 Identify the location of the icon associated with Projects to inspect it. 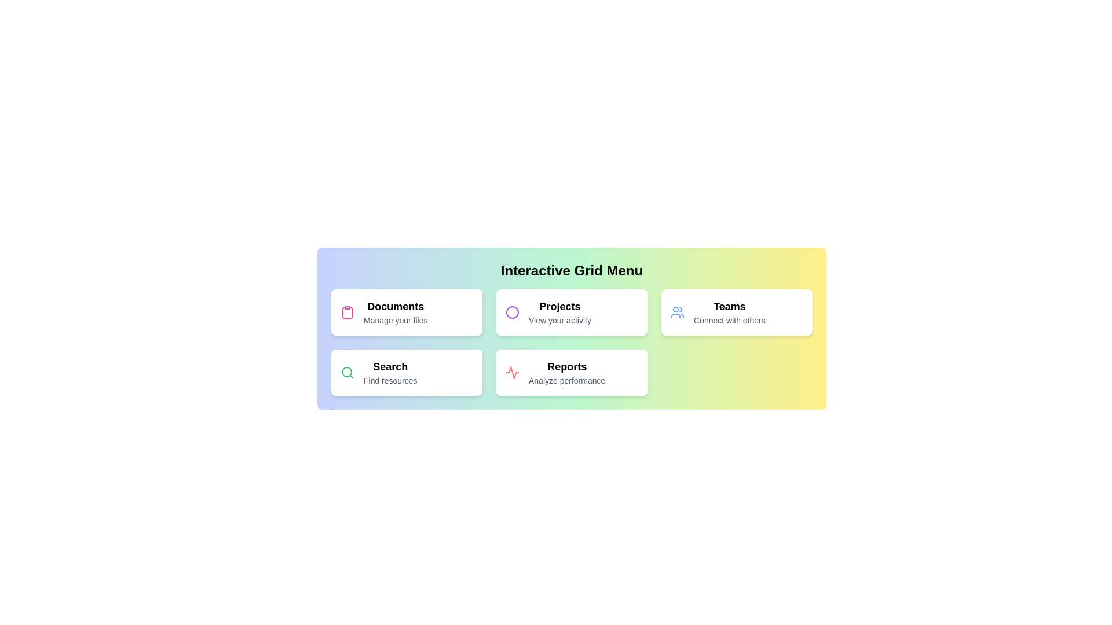
(511, 312).